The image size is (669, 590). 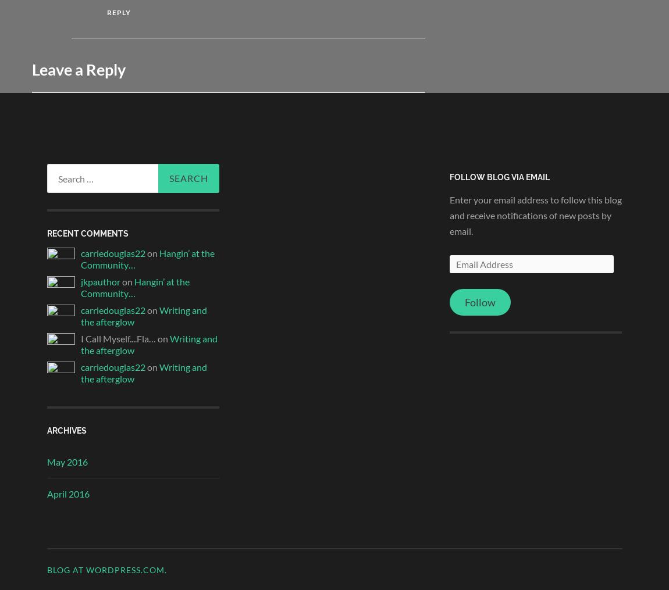 What do you see at coordinates (67, 494) in the screenshot?
I see `'April 2016'` at bounding box center [67, 494].